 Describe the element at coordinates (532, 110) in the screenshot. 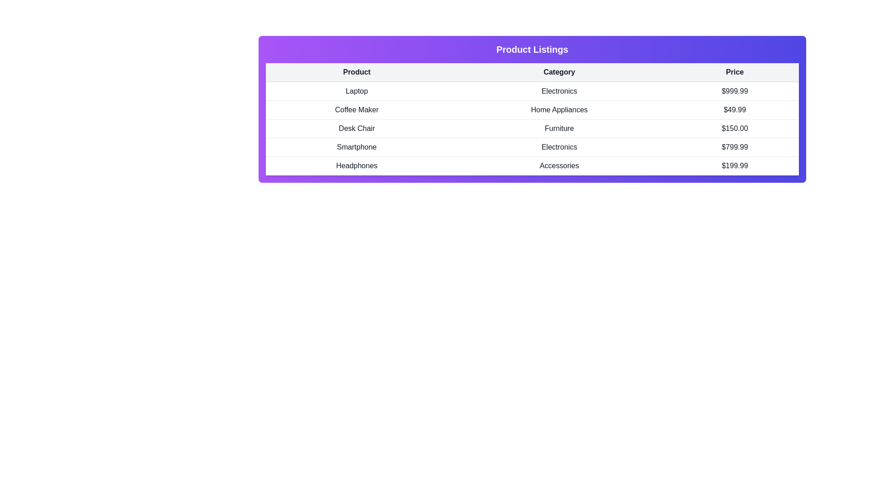

I see `text for the product details in the table row representing 'Coffee Maker', which is located in the second row of the table under the heading row` at that location.